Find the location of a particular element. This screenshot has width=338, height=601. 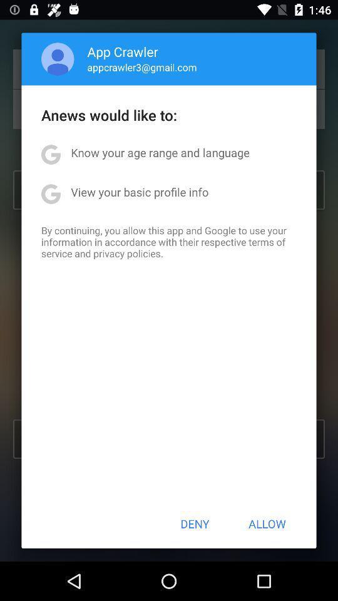

button to the left of allow button is located at coordinates (195, 523).